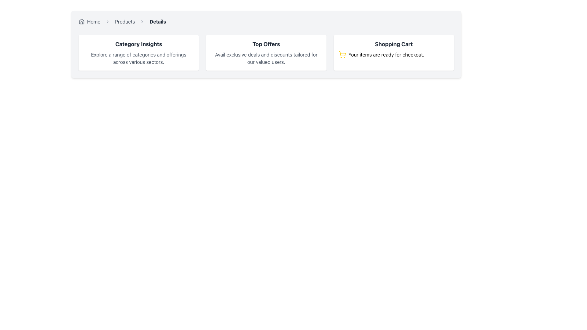 Image resolution: width=587 pixels, height=330 pixels. What do you see at coordinates (81, 21) in the screenshot?
I see `the 'Home' icon located at the far left of the breadcrumb navigation section` at bounding box center [81, 21].